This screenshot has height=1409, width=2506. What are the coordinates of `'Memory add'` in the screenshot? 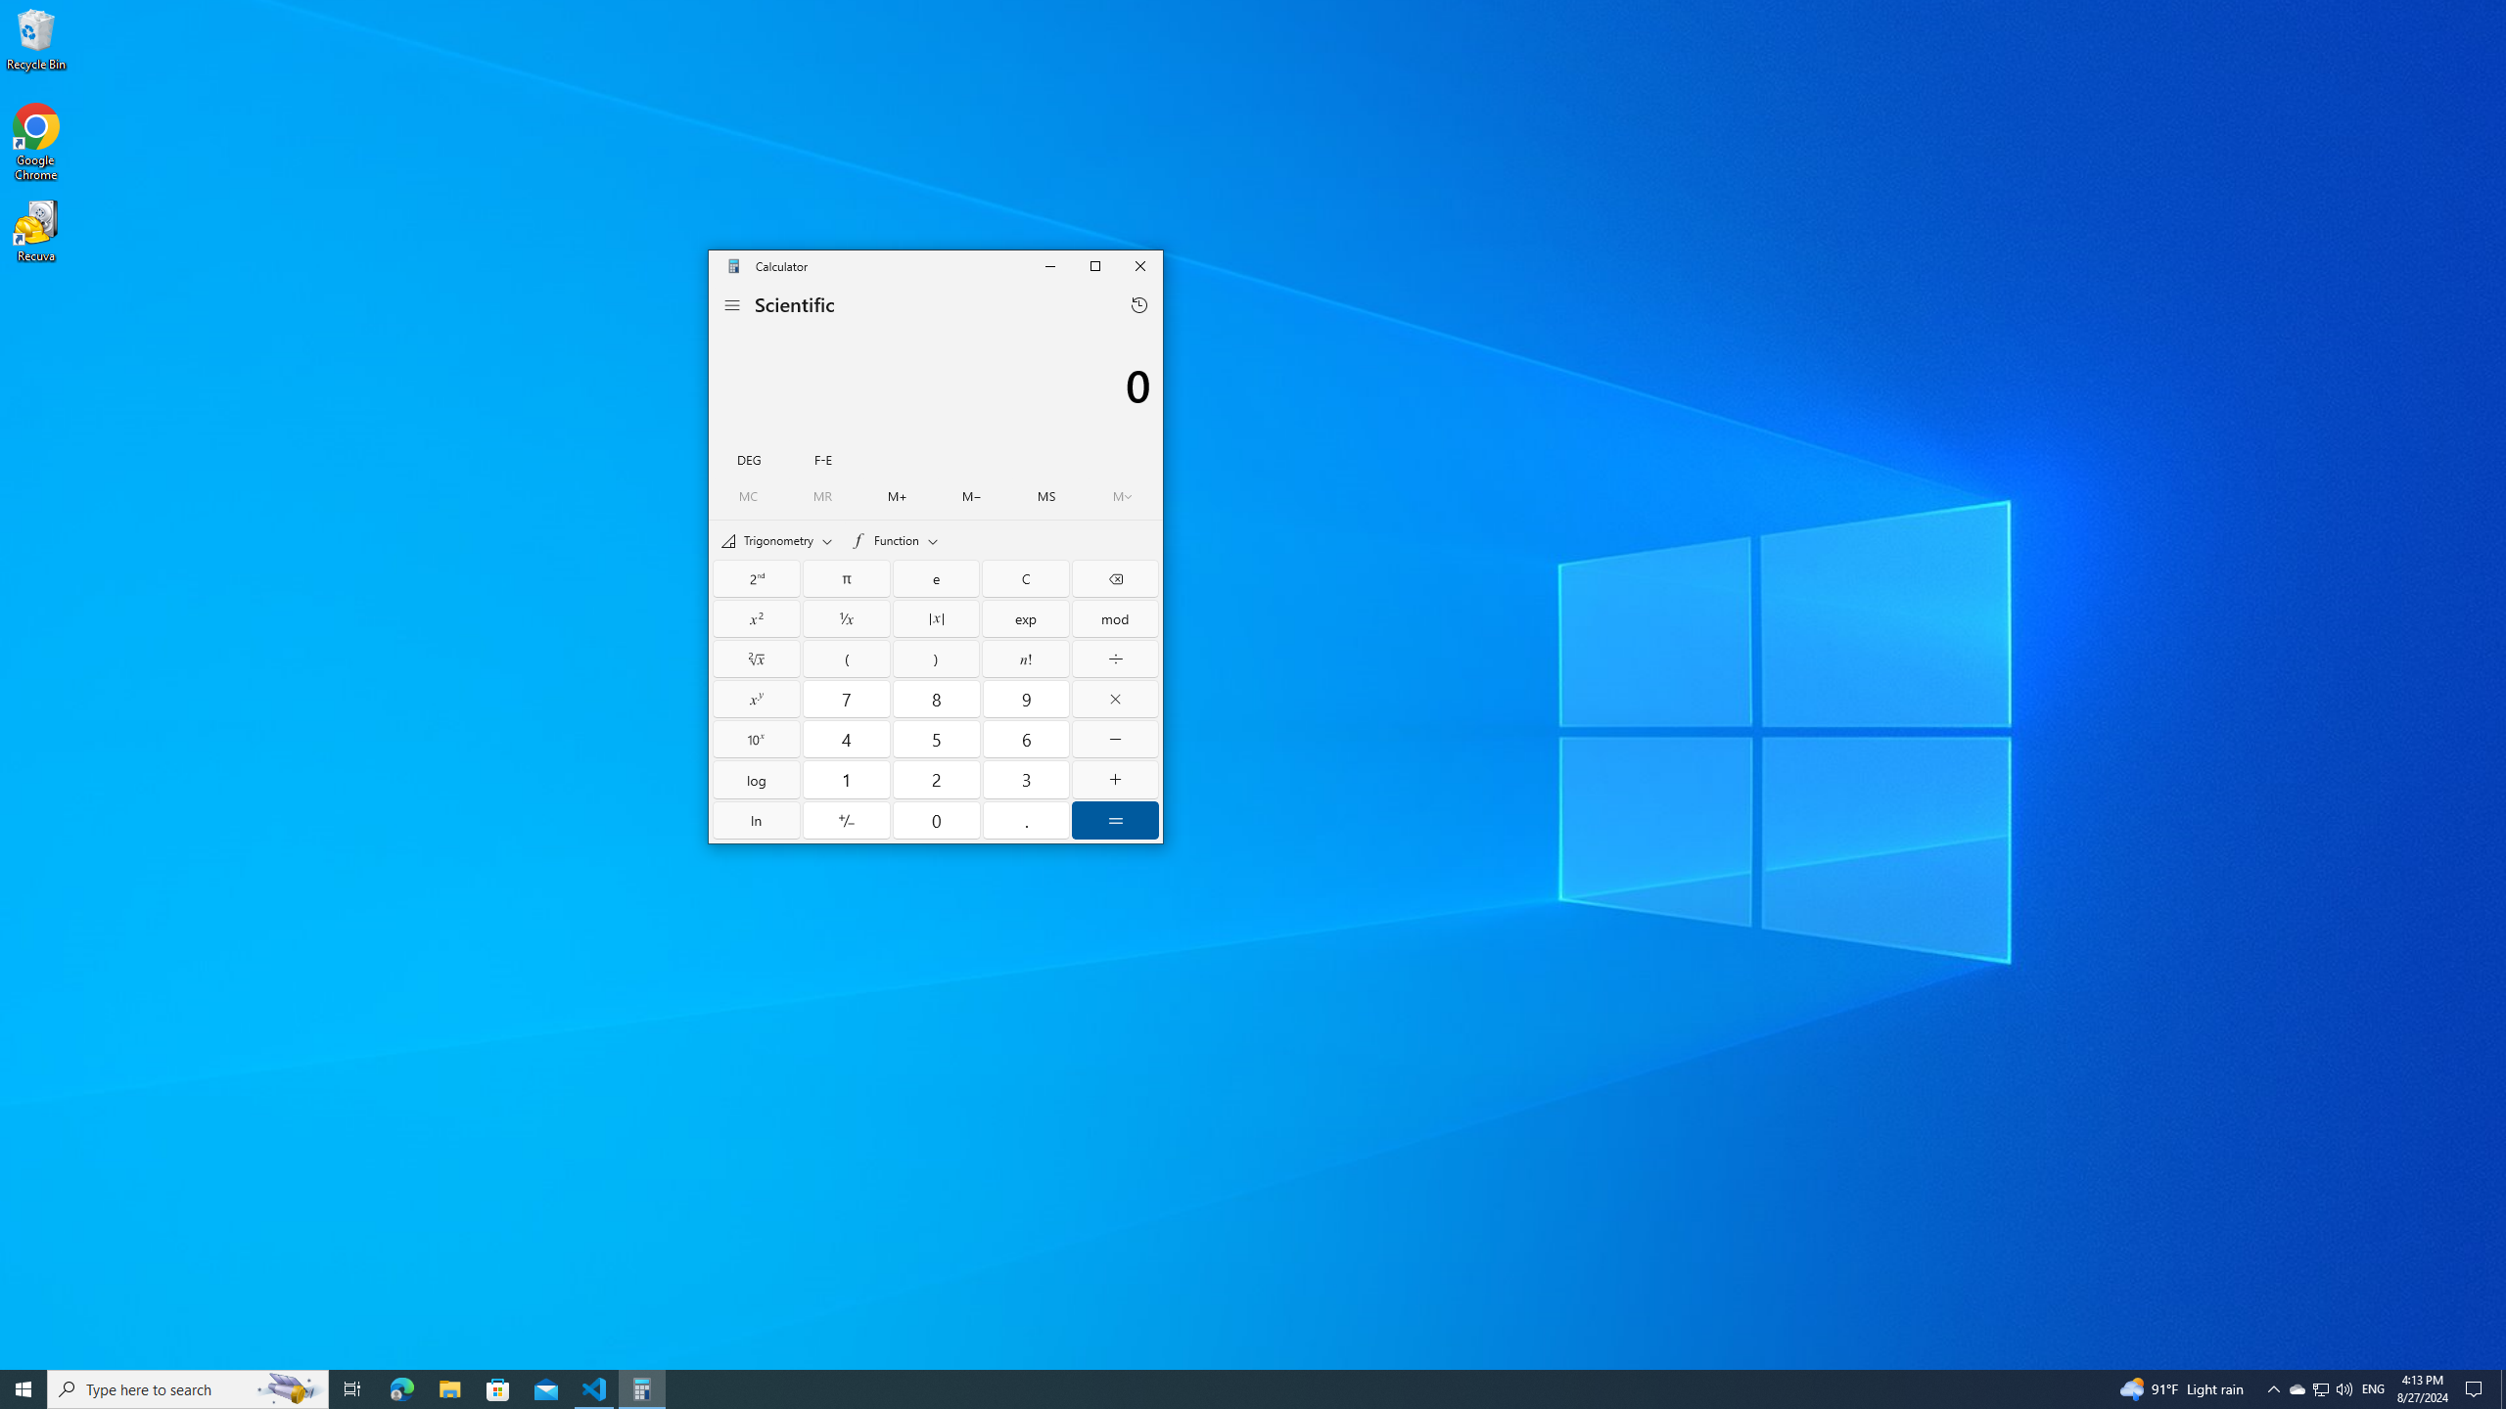 It's located at (898, 495).